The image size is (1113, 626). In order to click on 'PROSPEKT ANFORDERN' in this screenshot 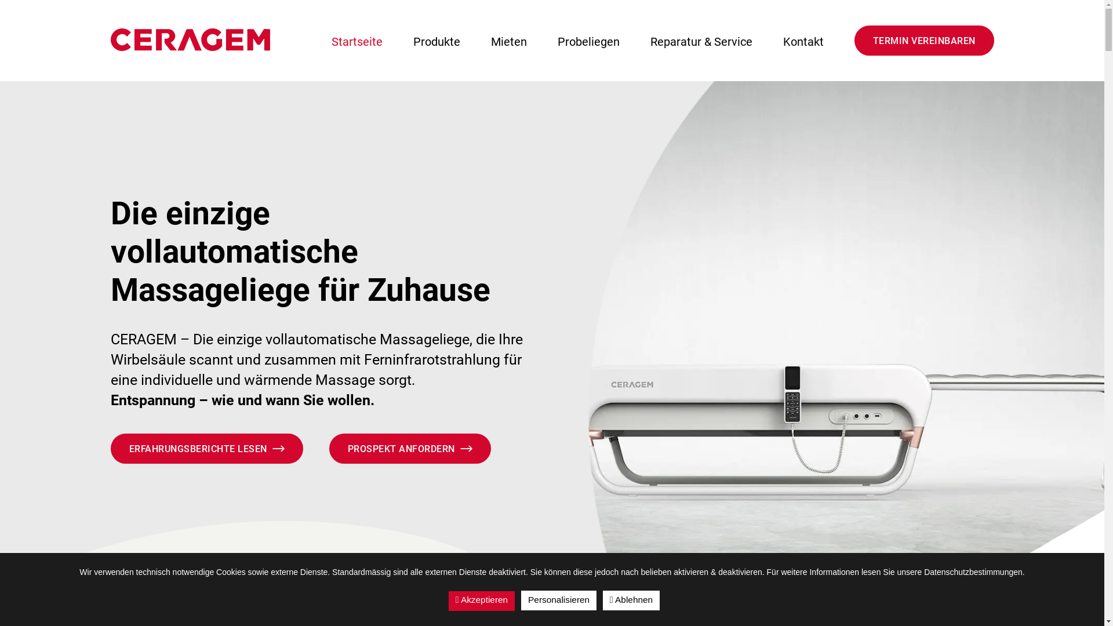, I will do `click(328, 448)`.